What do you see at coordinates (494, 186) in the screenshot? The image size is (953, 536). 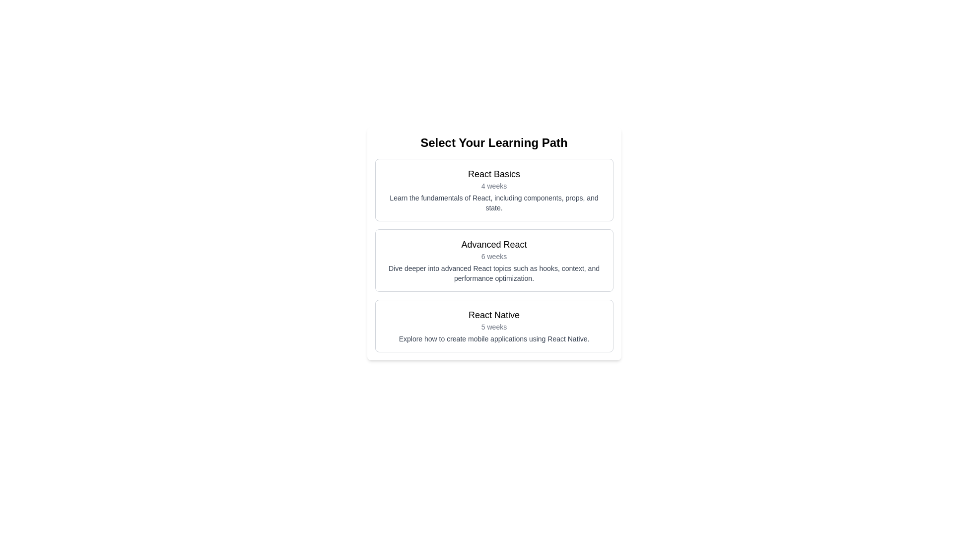 I see `the text label that informs users about the duration of the 'React Basics' course, which states it lasts 4 weeks, positioned centrally below the course title` at bounding box center [494, 186].